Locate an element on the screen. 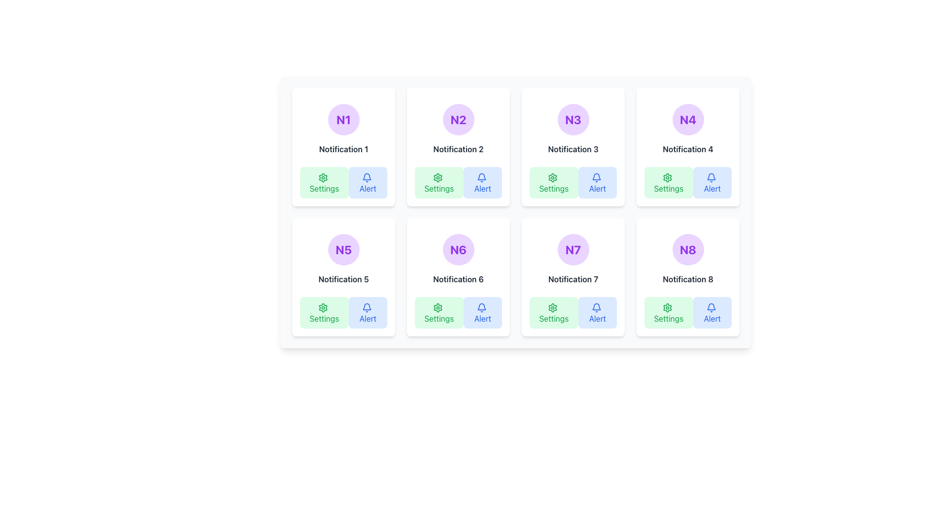 Image resolution: width=946 pixels, height=532 pixels. the 'Settings' button located at the bottom left of the 'Notification 7' card is located at coordinates (554, 313).